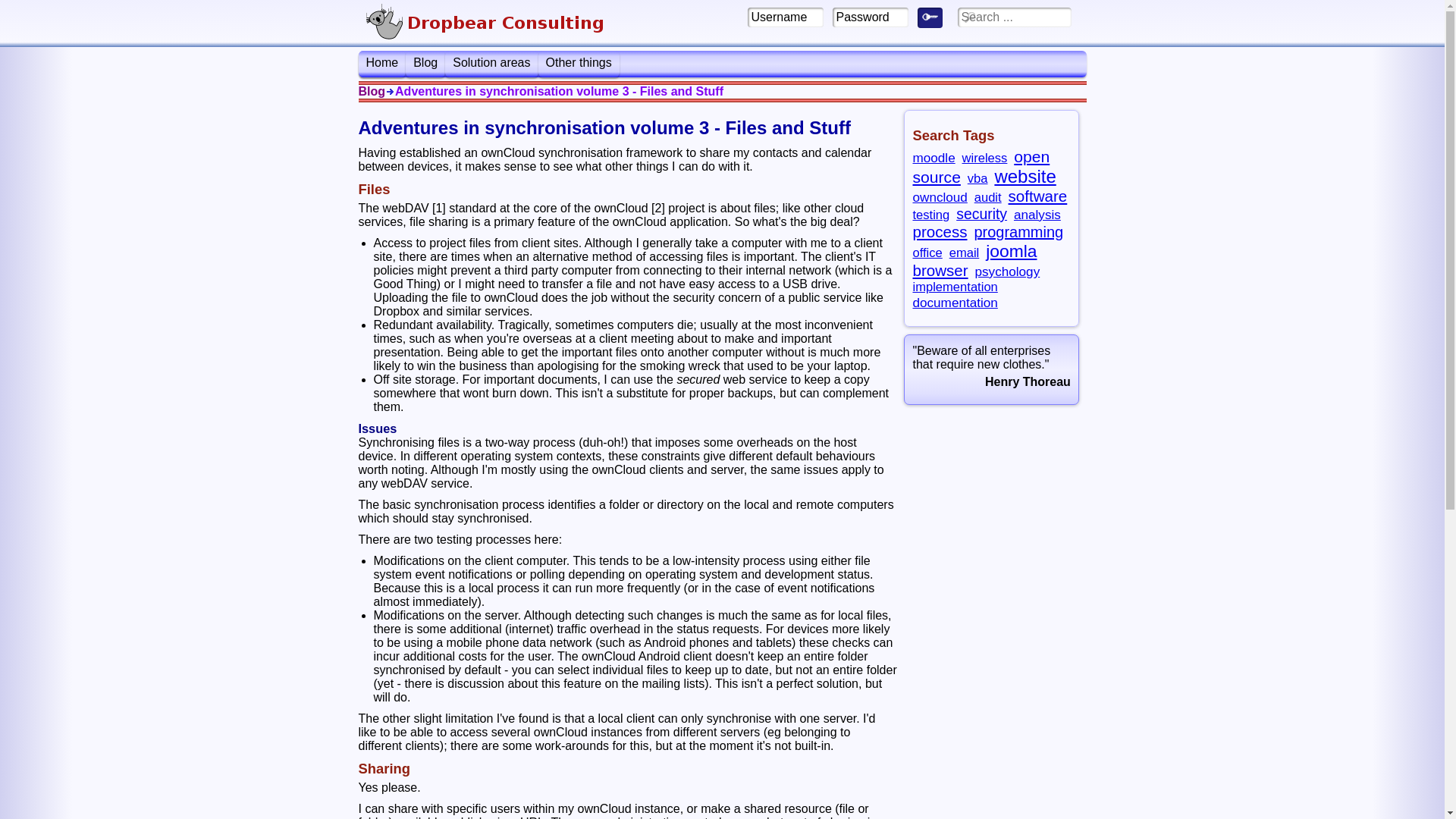 This screenshot has width=1456, height=819. I want to click on 'website', so click(993, 175).